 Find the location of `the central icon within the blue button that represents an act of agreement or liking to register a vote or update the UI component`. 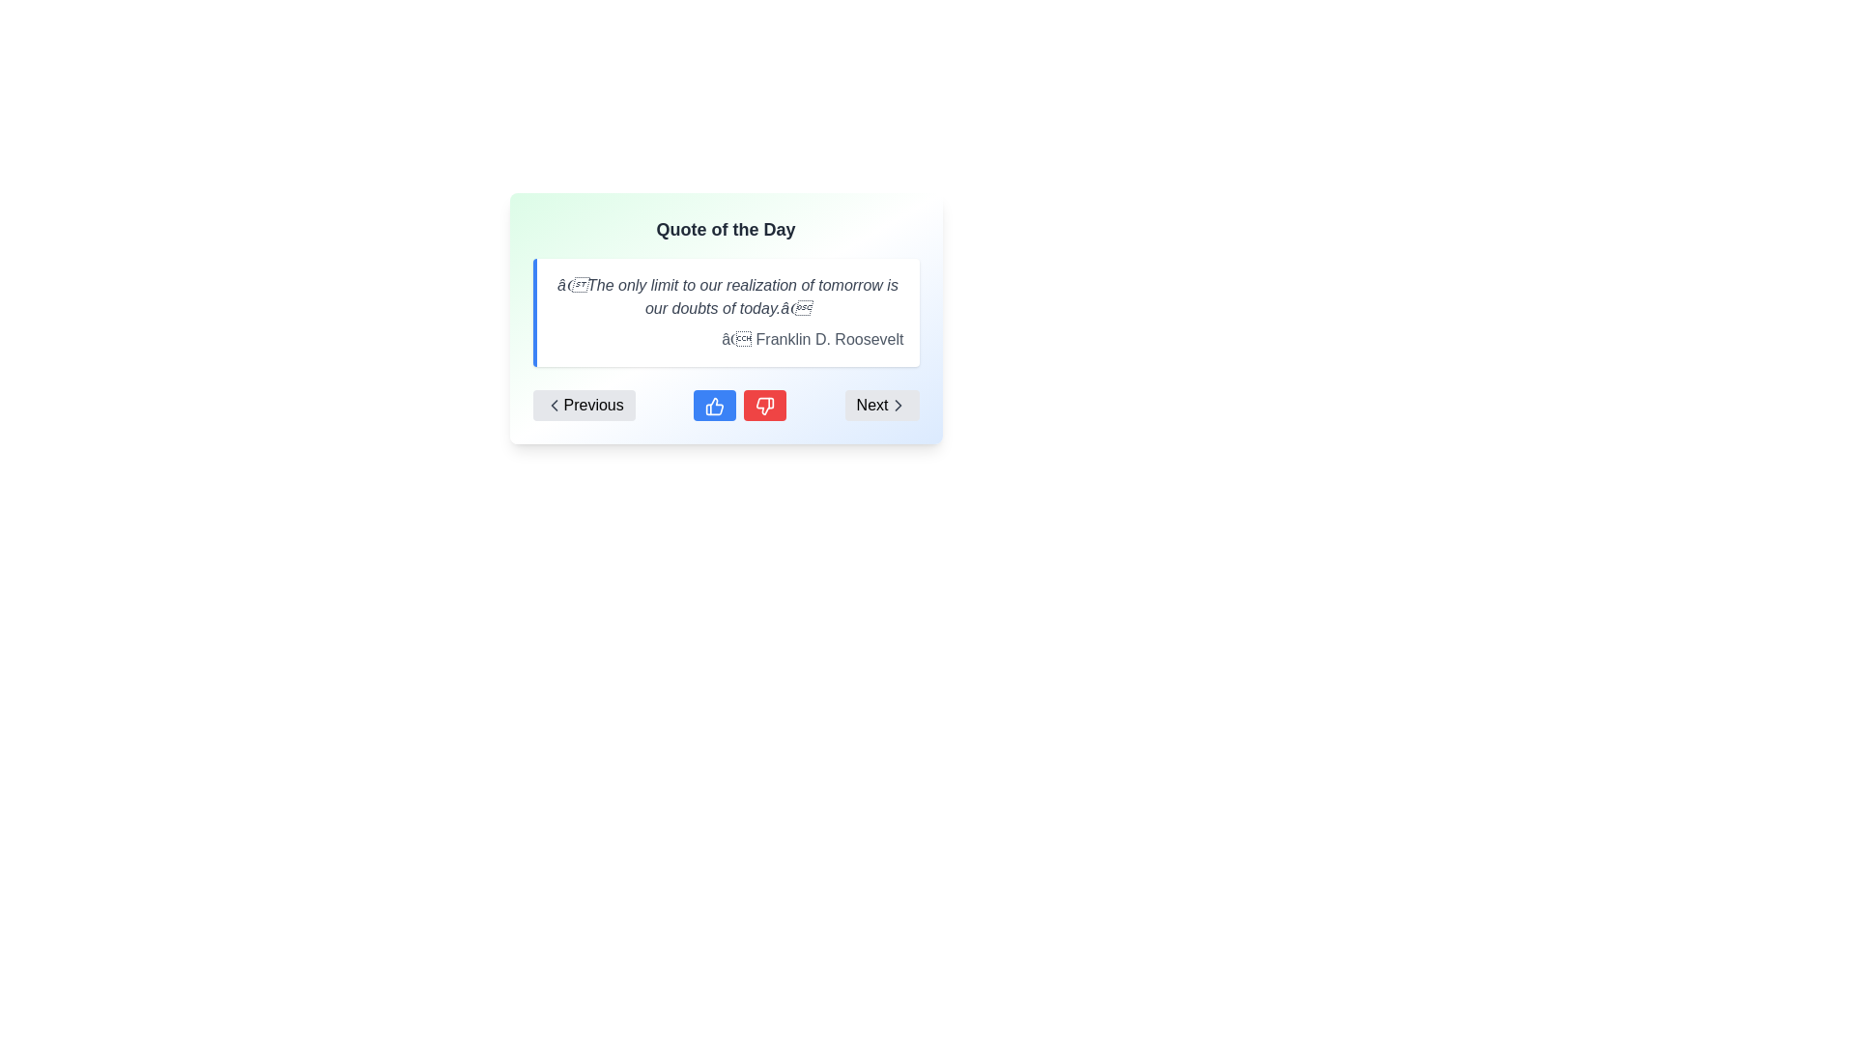

the central icon within the blue button that represents an act of agreement or liking to register a vote or update the UI component is located at coordinates (714, 405).